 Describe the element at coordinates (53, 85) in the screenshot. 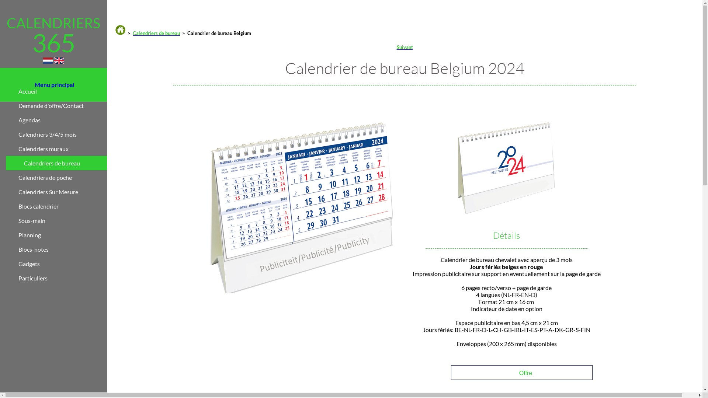

I see `'Menu principal'` at that location.